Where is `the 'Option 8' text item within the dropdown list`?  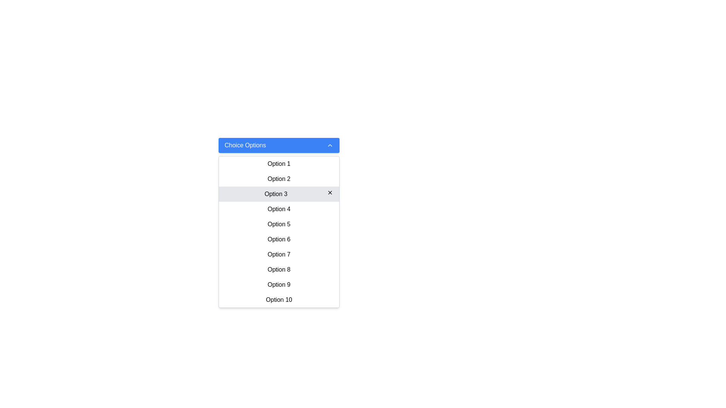 the 'Option 8' text item within the dropdown list is located at coordinates (279, 269).